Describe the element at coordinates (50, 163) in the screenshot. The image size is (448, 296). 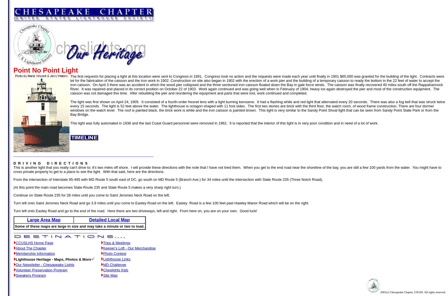
I see `'D  R  I  V  
      I  N  G      D  I  R  
      E  C  T  I  O  N  S'` at that location.